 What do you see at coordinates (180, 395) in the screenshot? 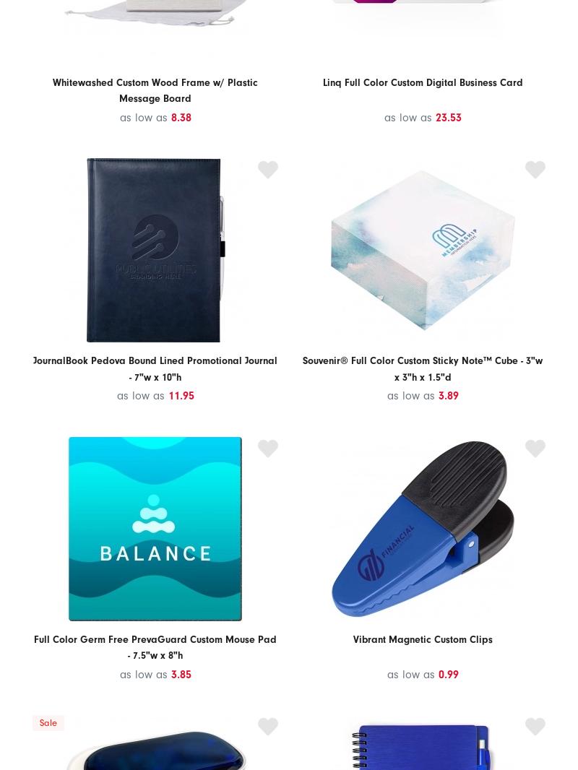
I see `'11.95'` at bounding box center [180, 395].